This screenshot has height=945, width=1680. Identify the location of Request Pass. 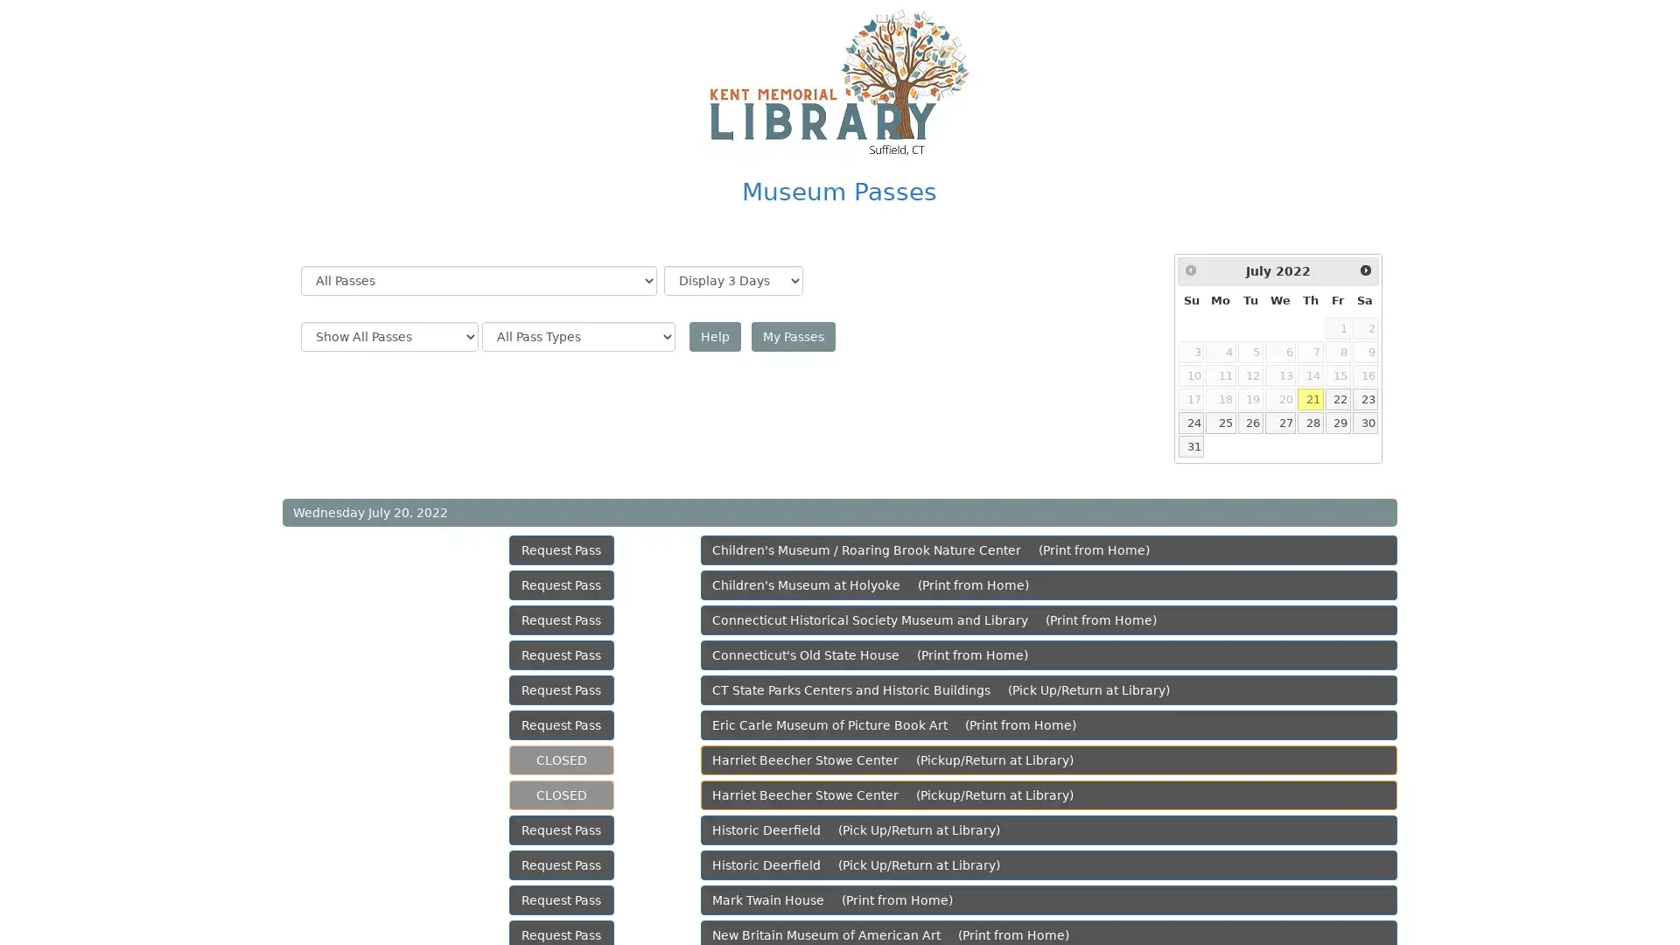
(561, 725).